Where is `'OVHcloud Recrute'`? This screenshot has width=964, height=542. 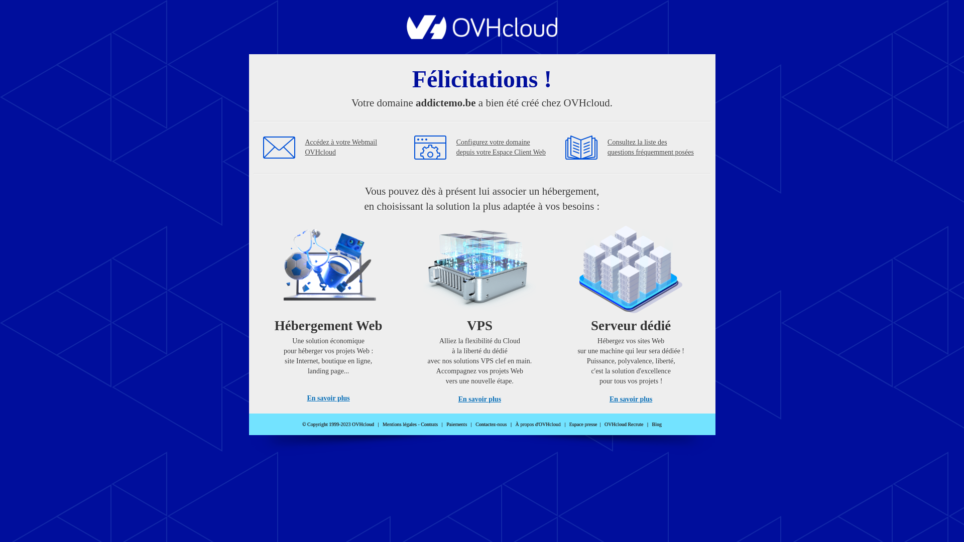 'OVHcloud Recrute' is located at coordinates (623, 424).